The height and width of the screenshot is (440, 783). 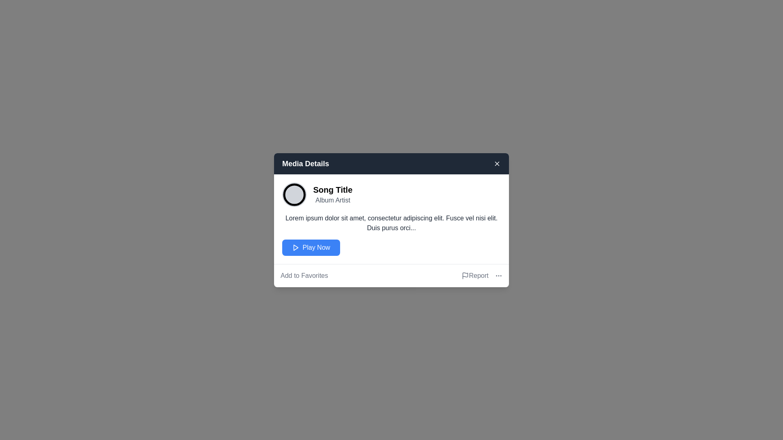 I want to click on the blue rectangular button labeled 'Play Now', so click(x=310, y=247).